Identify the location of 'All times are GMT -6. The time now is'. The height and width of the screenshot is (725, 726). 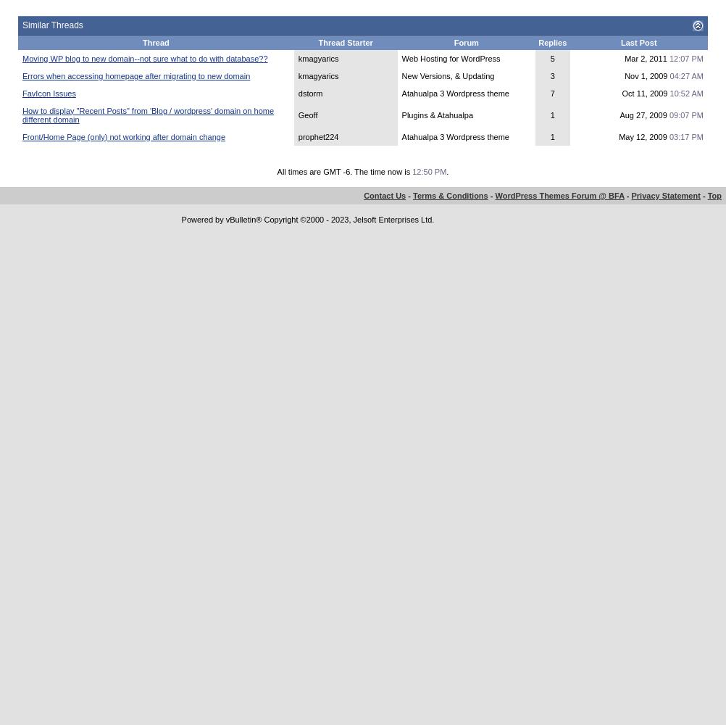
(343, 170).